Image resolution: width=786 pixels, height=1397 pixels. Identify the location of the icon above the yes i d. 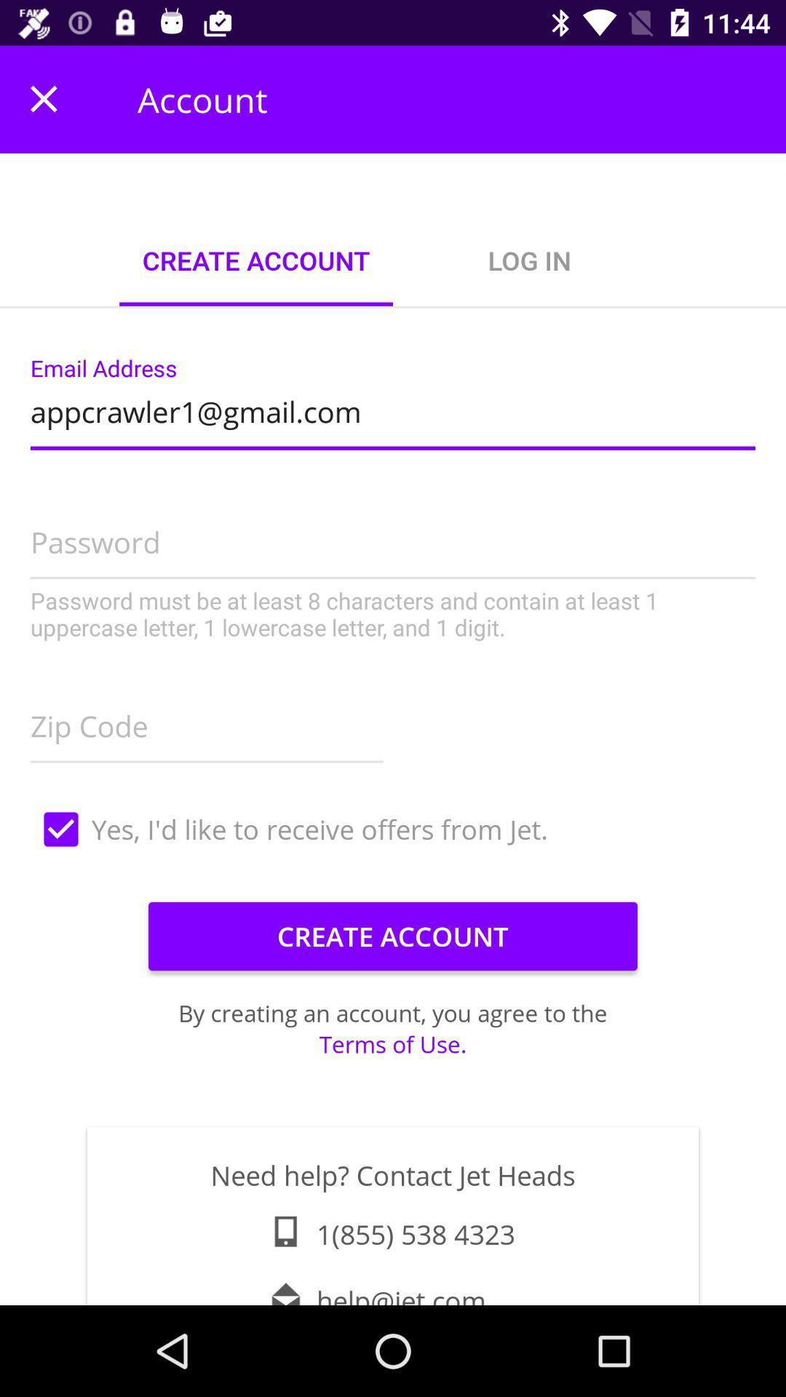
(207, 722).